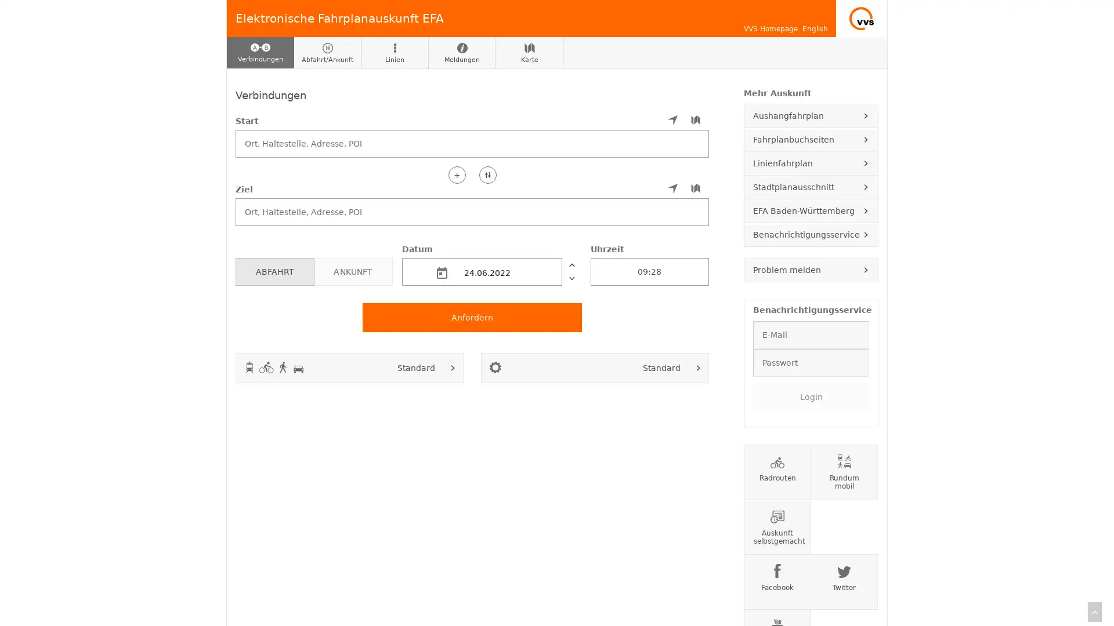 This screenshot has width=1114, height=626. I want to click on Meldungen, so click(461, 53).